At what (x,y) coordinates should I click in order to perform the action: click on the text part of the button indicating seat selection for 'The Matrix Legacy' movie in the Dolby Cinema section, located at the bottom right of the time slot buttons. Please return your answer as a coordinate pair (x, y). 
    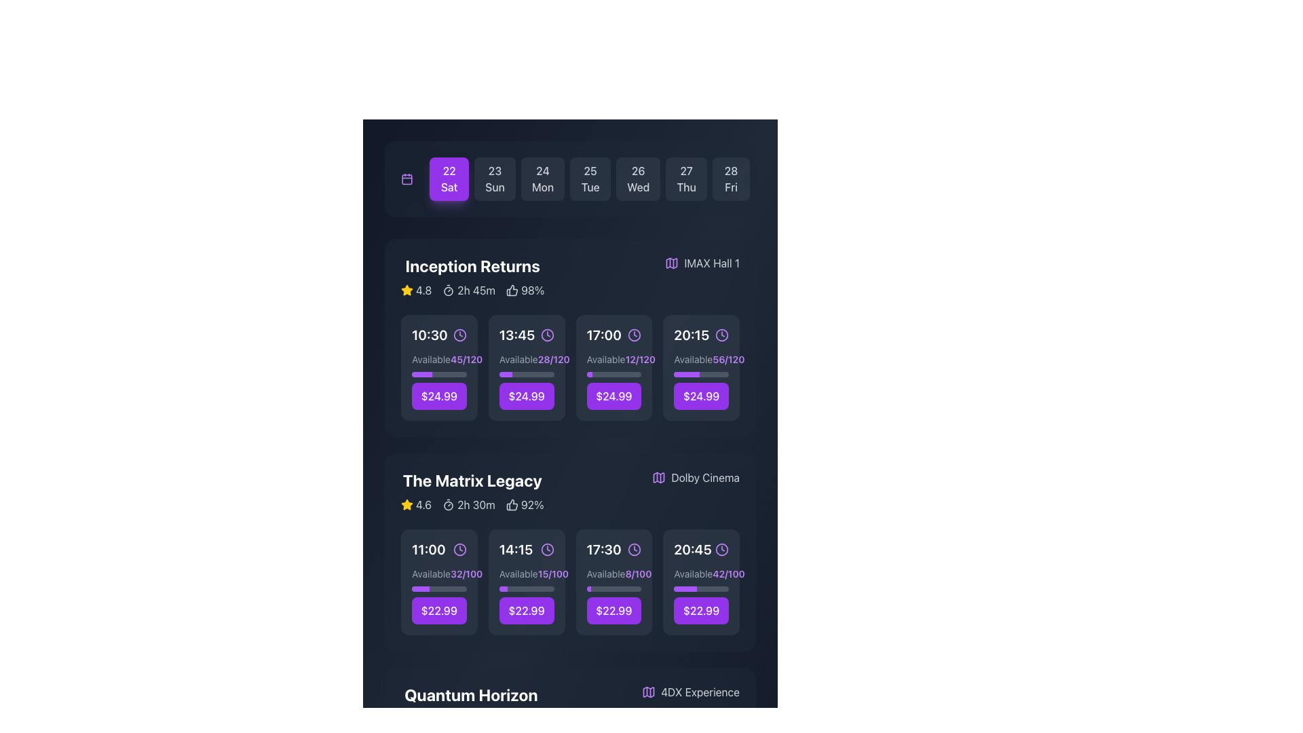
    Looking at the image, I should click on (707, 581).